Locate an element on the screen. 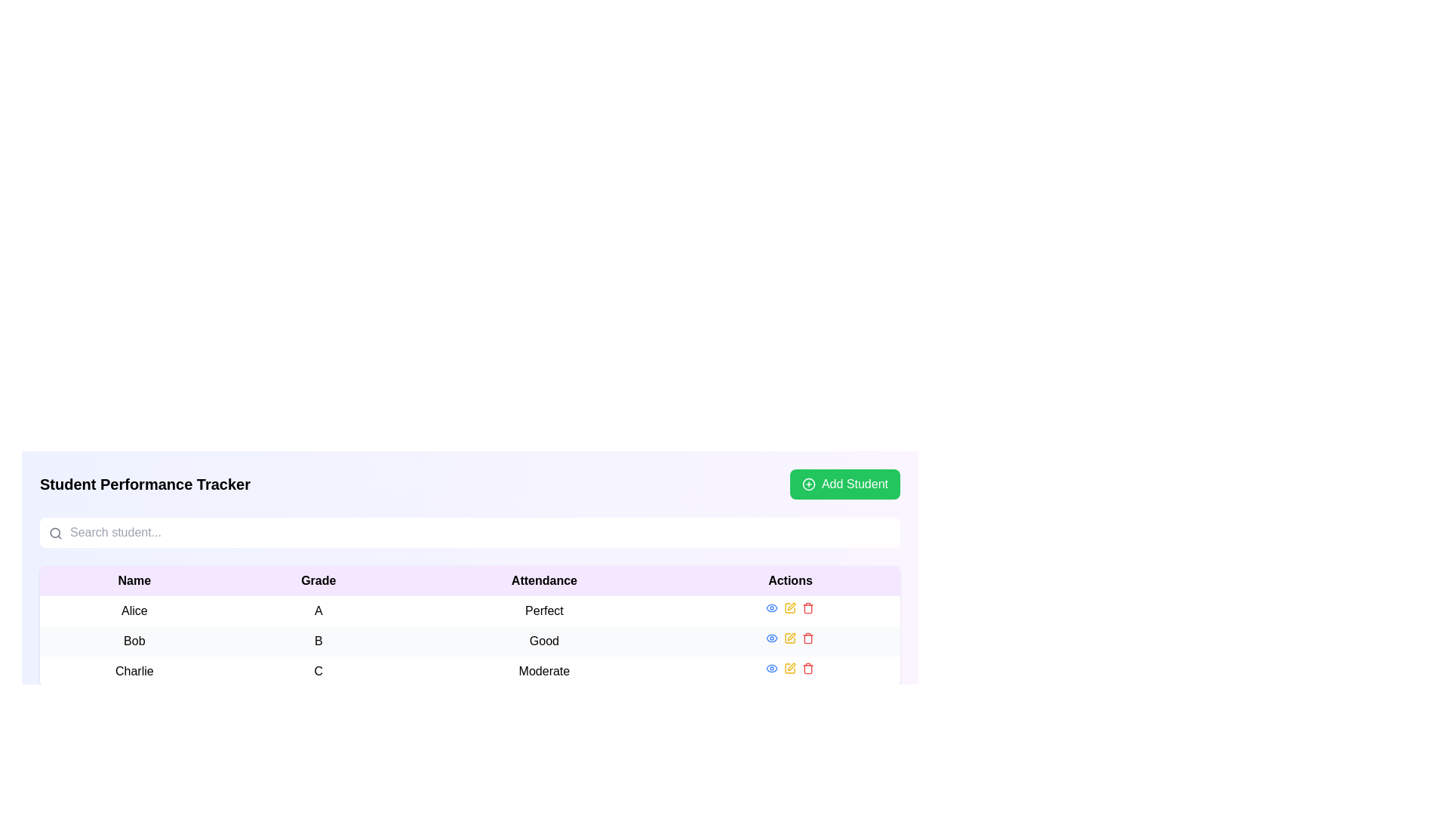 The width and height of the screenshot is (1449, 815). the 'Attendance' text label, which is styled with padding and has a light purple background, positioned between the 'Grade' and 'Actions' columns in a header row of a table is located at coordinates (543, 580).